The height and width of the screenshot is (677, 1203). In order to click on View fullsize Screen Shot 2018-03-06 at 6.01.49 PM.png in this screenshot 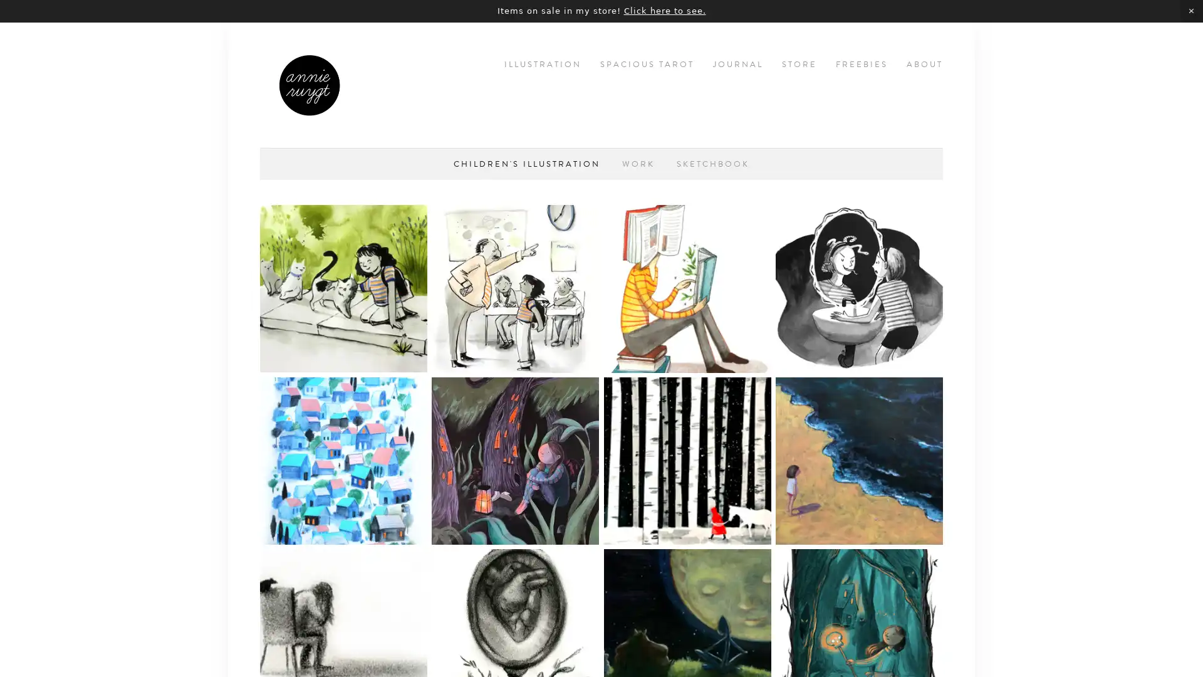, I will do `click(858, 460)`.